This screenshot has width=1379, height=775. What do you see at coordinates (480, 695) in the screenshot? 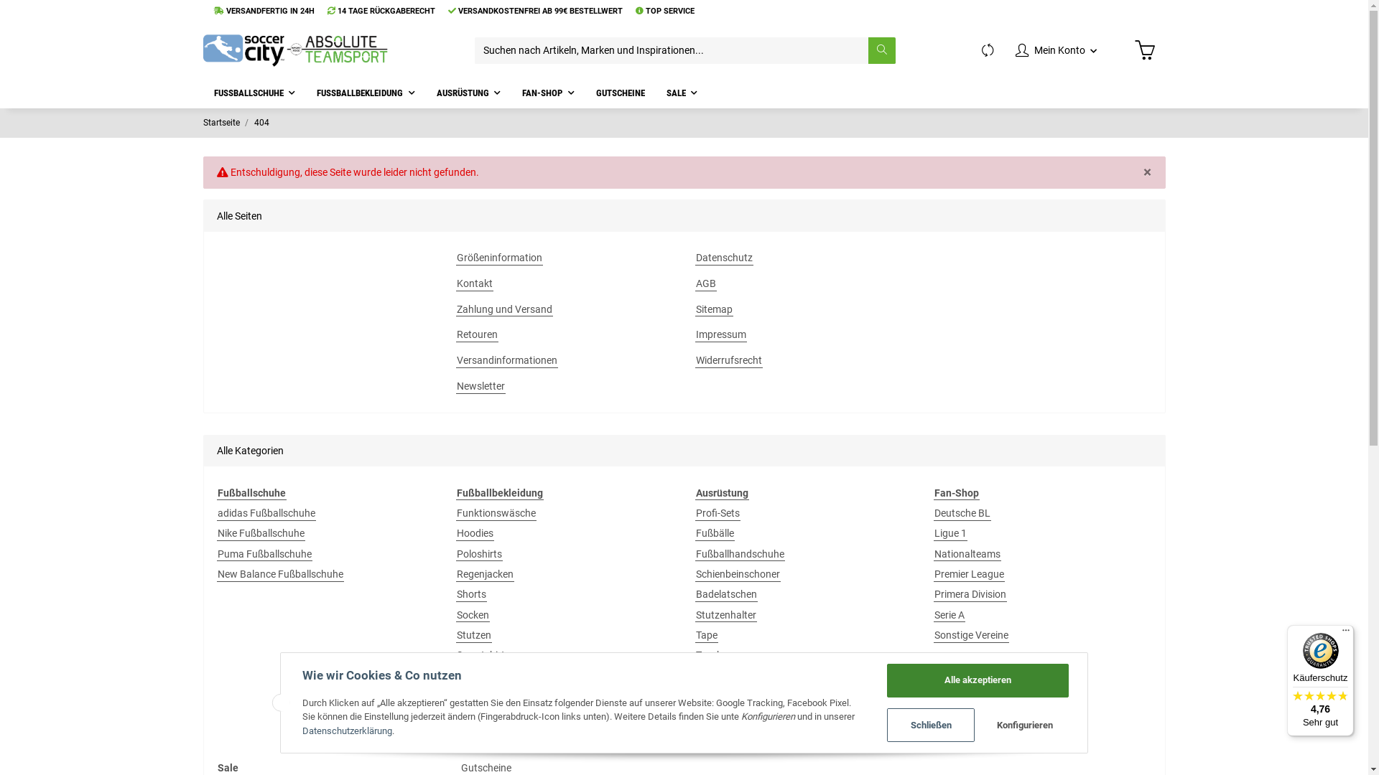
I see `'Teamsport'` at bounding box center [480, 695].